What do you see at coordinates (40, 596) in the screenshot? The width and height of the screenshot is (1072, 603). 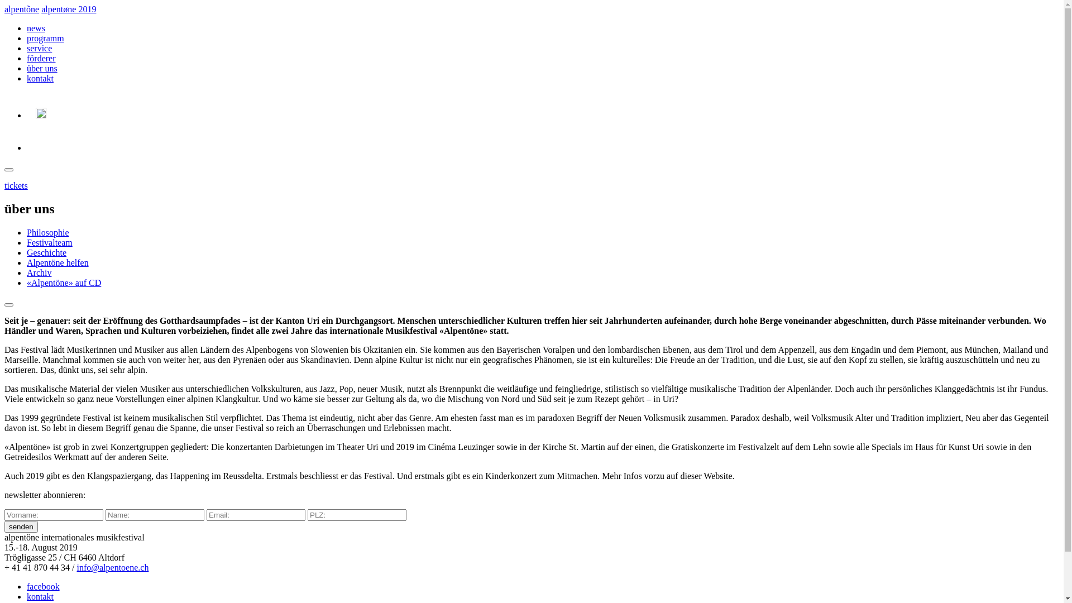 I see `'kontakt'` at bounding box center [40, 596].